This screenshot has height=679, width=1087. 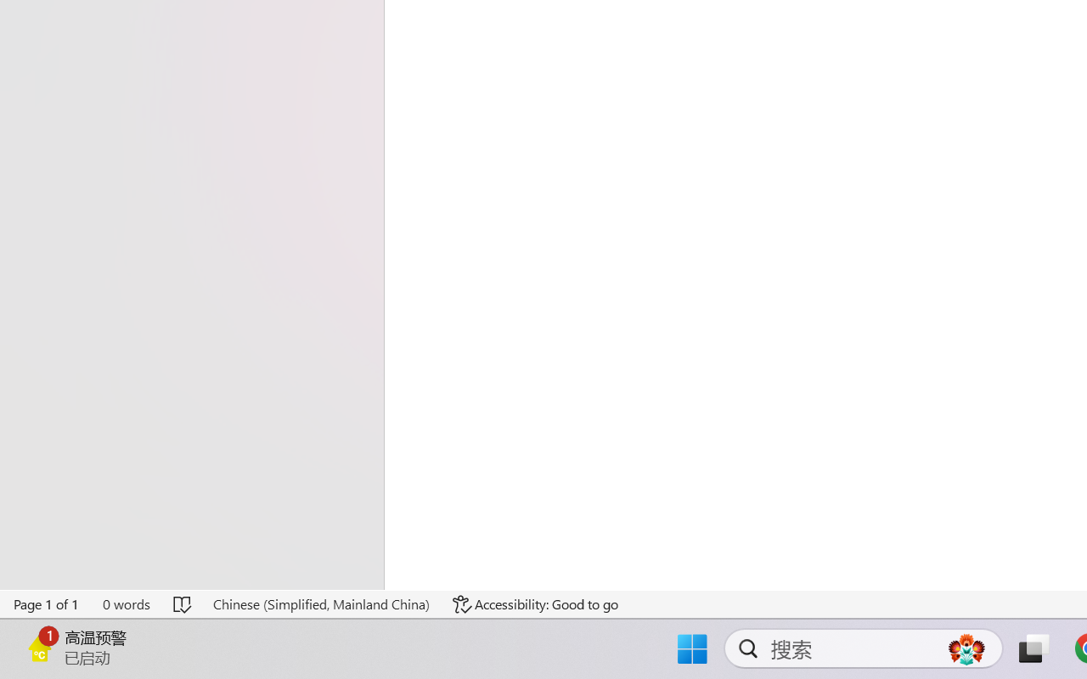 What do you see at coordinates (321, 603) in the screenshot?
I see `'Language Chinese (Simplified, Mainland China)'` at bounding box center [321, 603].